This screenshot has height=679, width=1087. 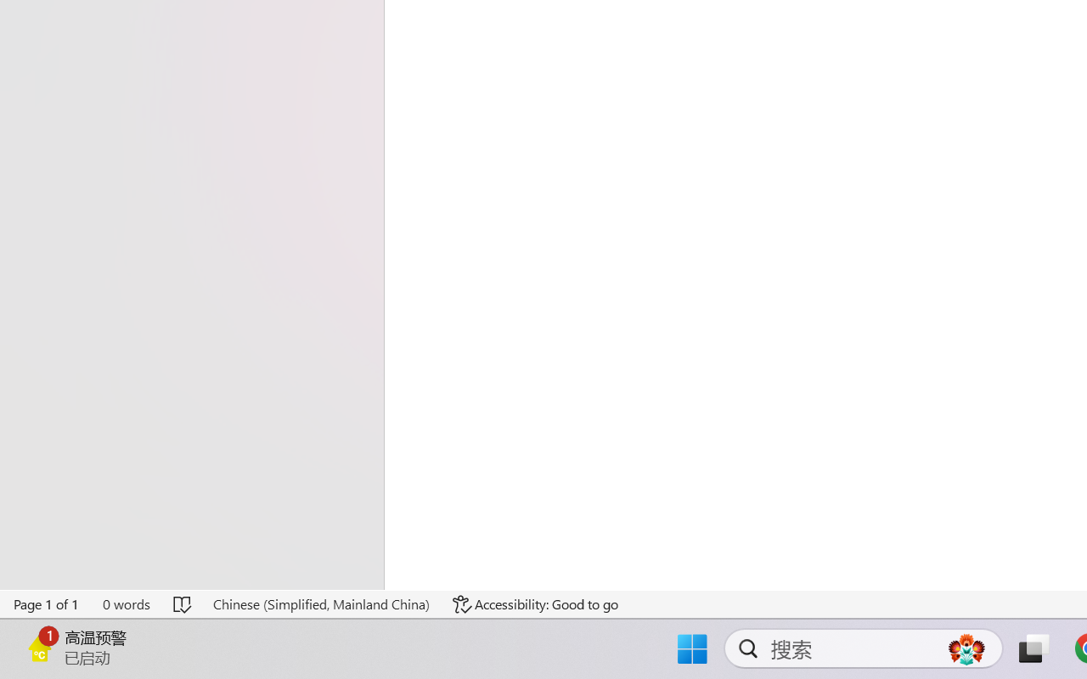 What do you see at coordinates (321, 603) in the screenshot?
I see `'Language Chinese (Simplified, Mainland China)'` at bounding box center [321, 603].